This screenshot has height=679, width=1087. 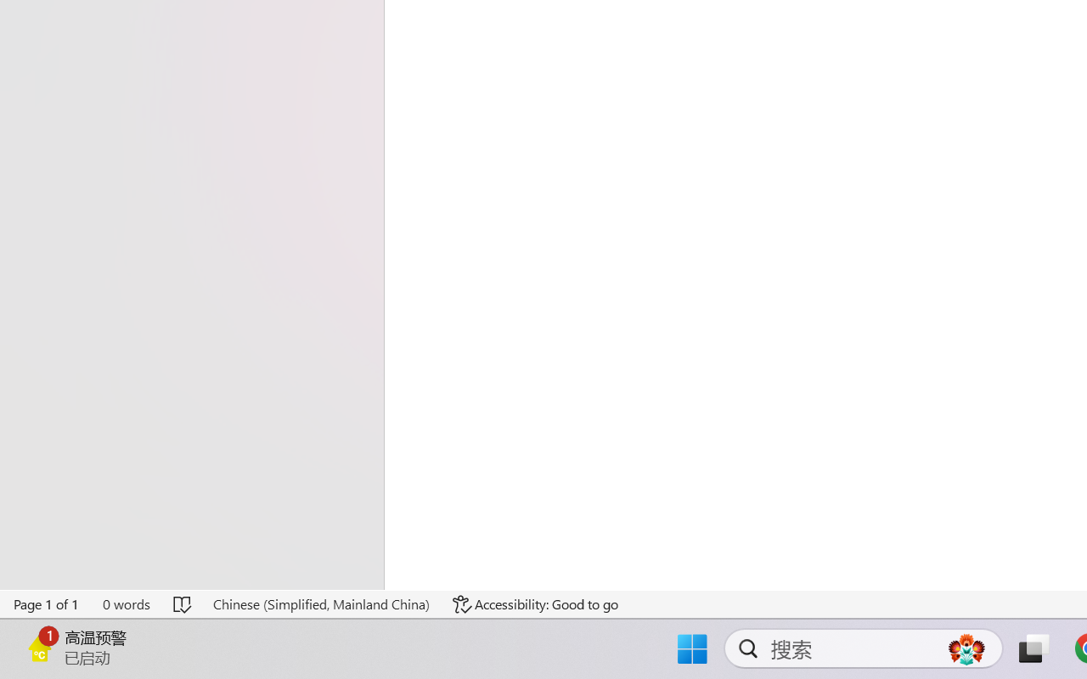 What do you see at coordinates (321, 603) in the screenshot?
I see `'Language Chinese (Simplified, Mainland China)'` at bounding box center [321, 603].